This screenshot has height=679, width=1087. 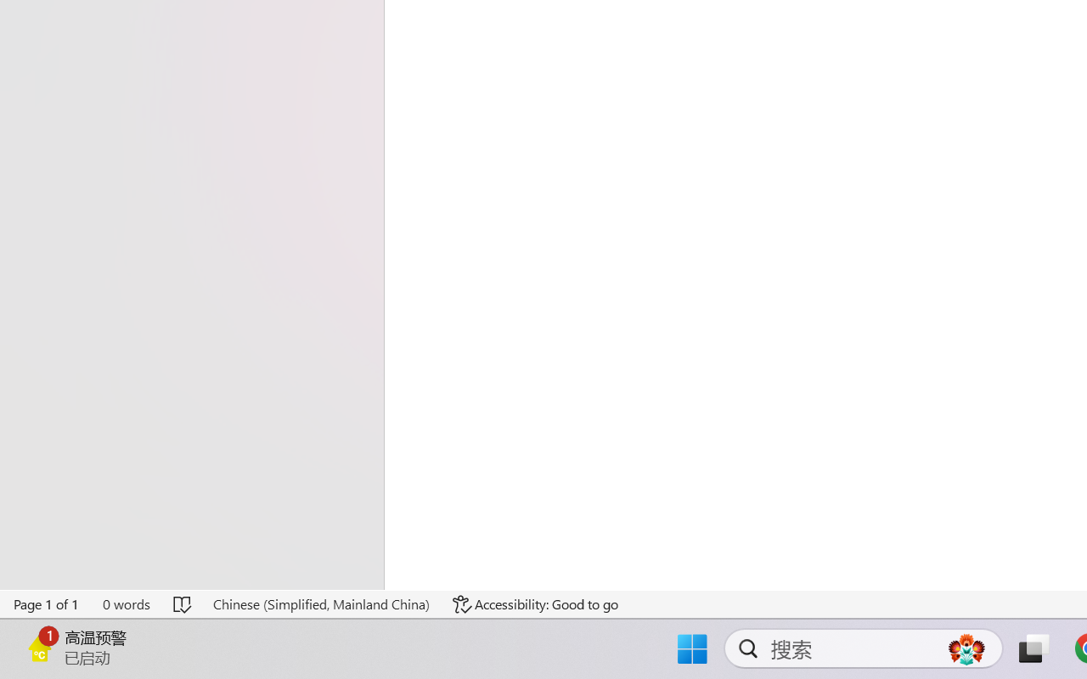 What do you see at coordinates (321, 603) in the screenshot?
I see `'Language Chinese (Simplified, Mainland China)'` at bounding box center [321, 603].